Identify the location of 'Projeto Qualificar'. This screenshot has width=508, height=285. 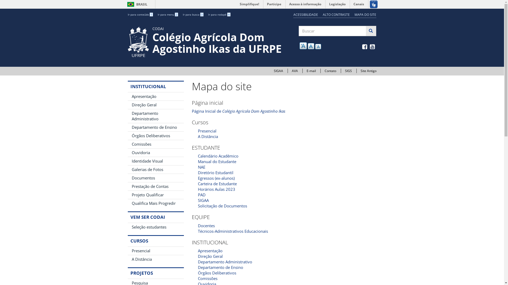
(155, 195).